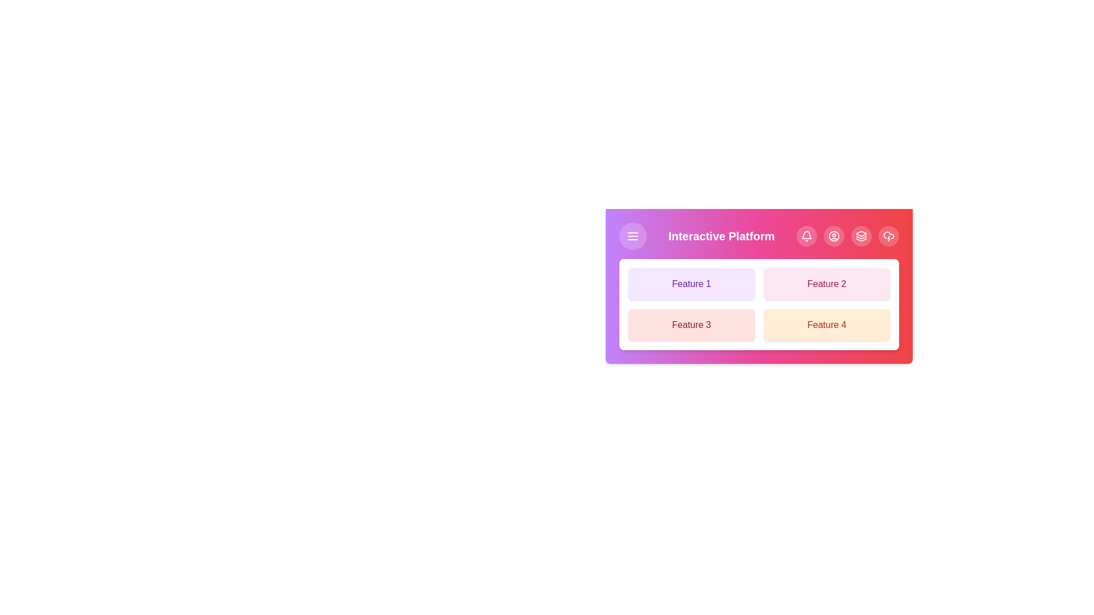  What do you see at coordinates (862, 236) in the screenshot?
I see `the navigation button Layers` at bounding box center [862, 236].